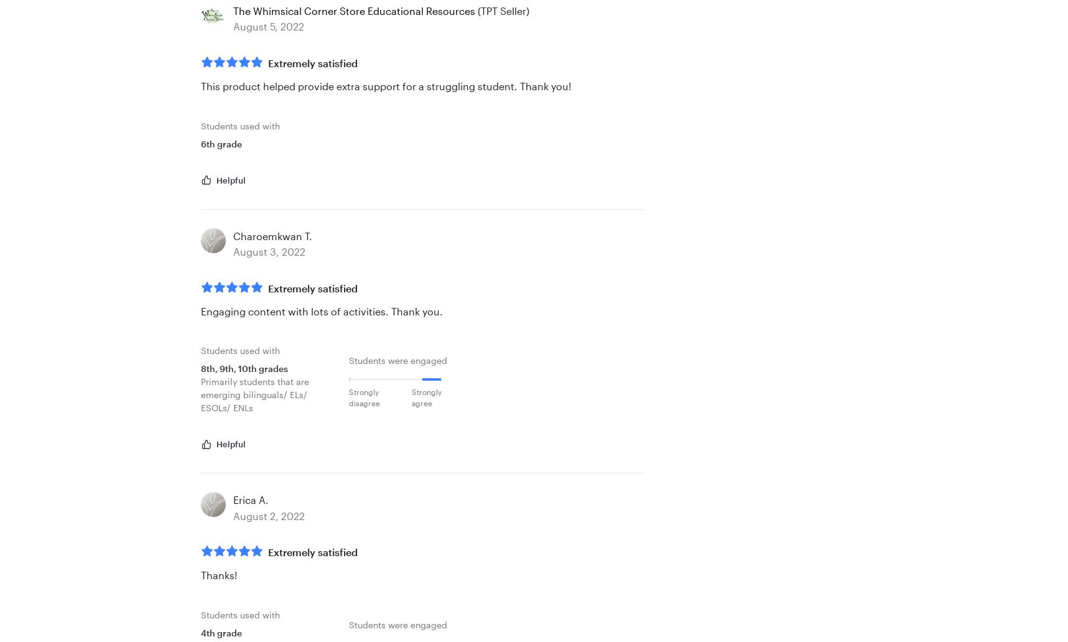  Describe the element at coordinates (221, 632) in the screenshot. I see `'4th grade'` at that location.